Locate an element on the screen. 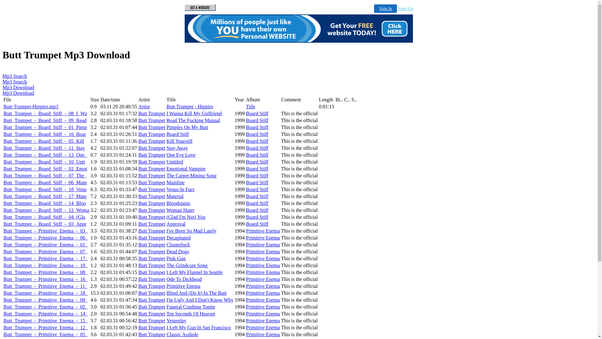 The height and width of the screenshot is (339, 602). 'Primitive Enema' is located at coordinates (263, 320).